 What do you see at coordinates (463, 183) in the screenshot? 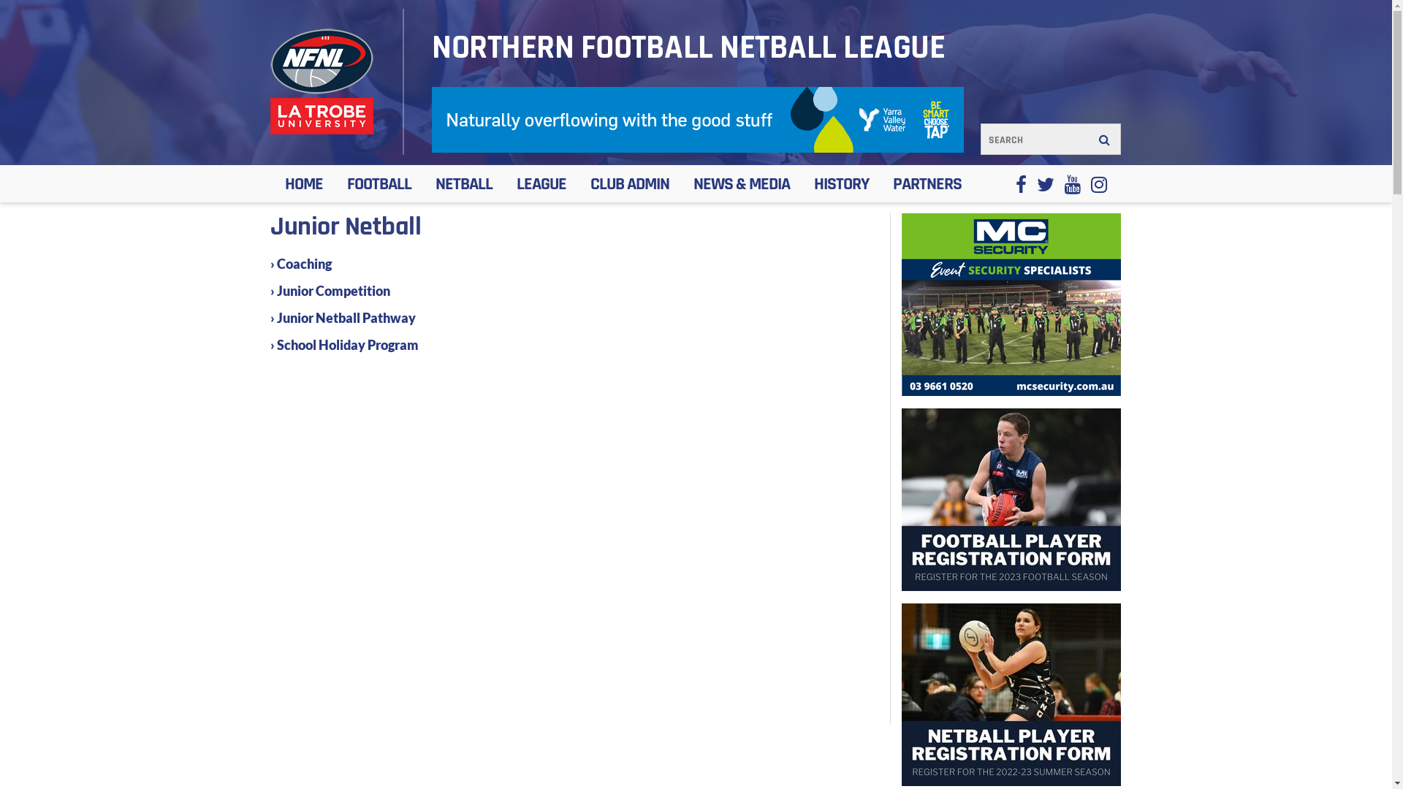
I see `'NETBALL'` at bounding box center [463, 183].